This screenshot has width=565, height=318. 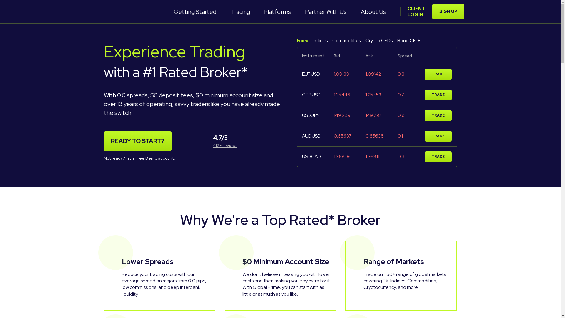 I want to click on 'READY TO START?', so click(x=137, y=141).